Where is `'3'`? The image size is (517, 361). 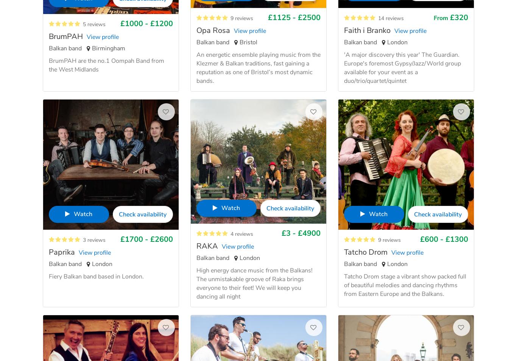
'3' is located at coordinates (82, 239).